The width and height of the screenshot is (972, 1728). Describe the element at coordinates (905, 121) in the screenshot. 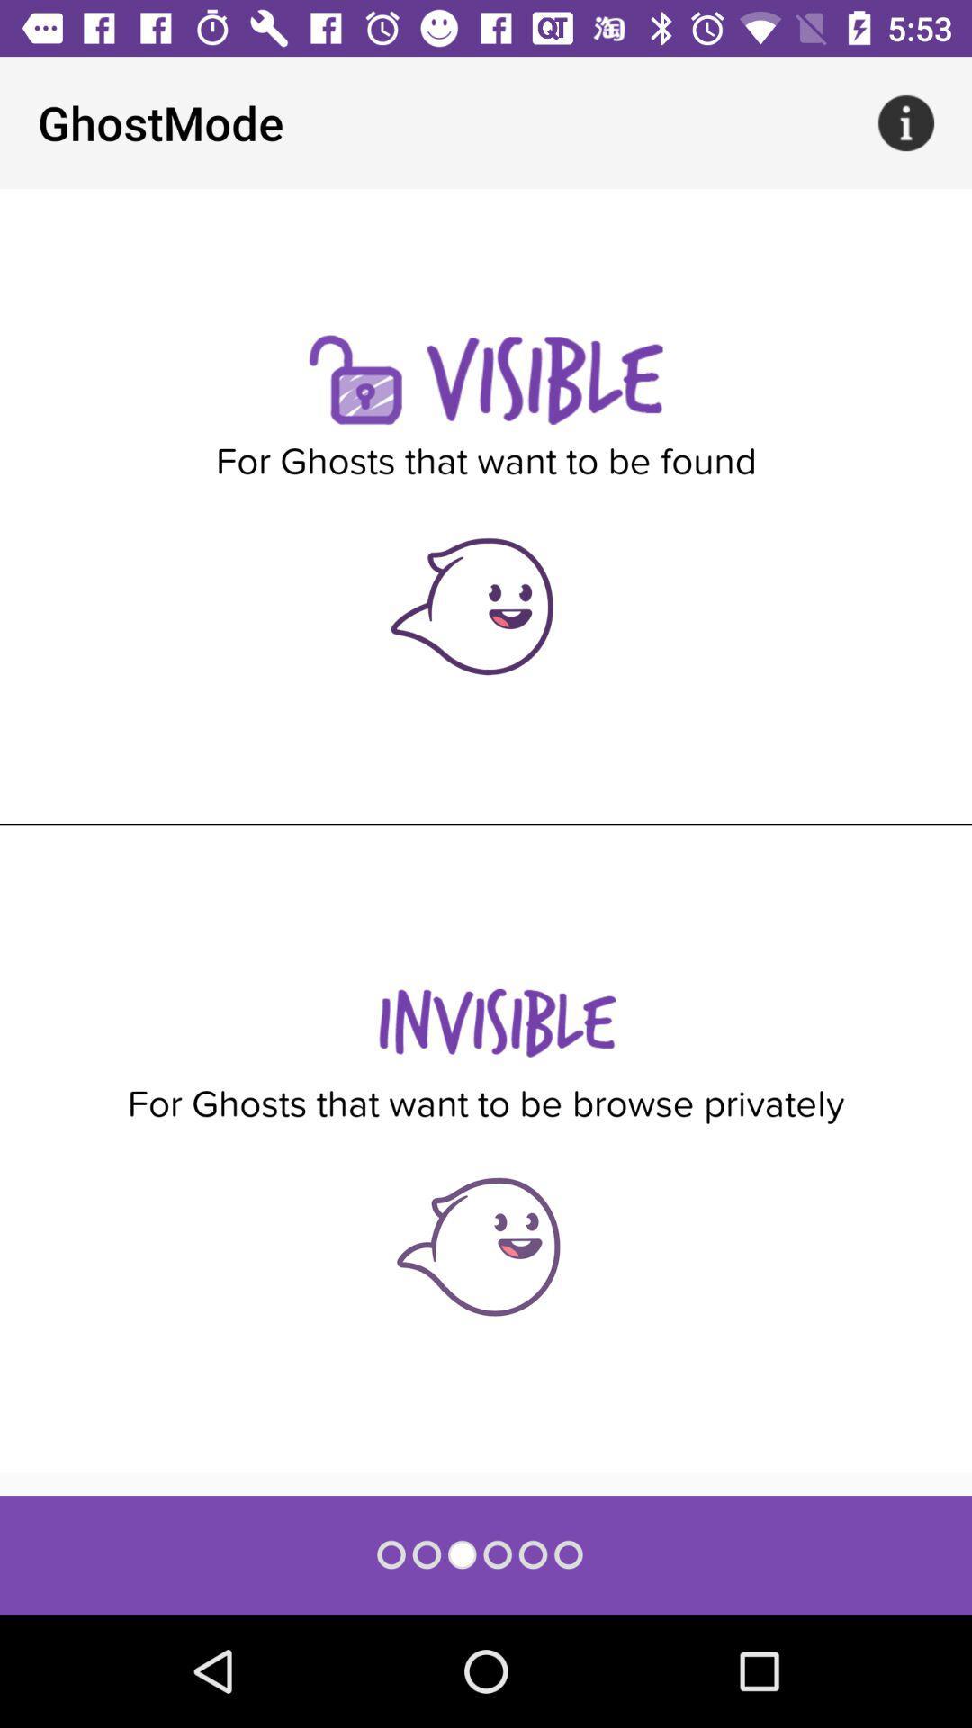

I see `the icon to the right of ghostmode` at that location.